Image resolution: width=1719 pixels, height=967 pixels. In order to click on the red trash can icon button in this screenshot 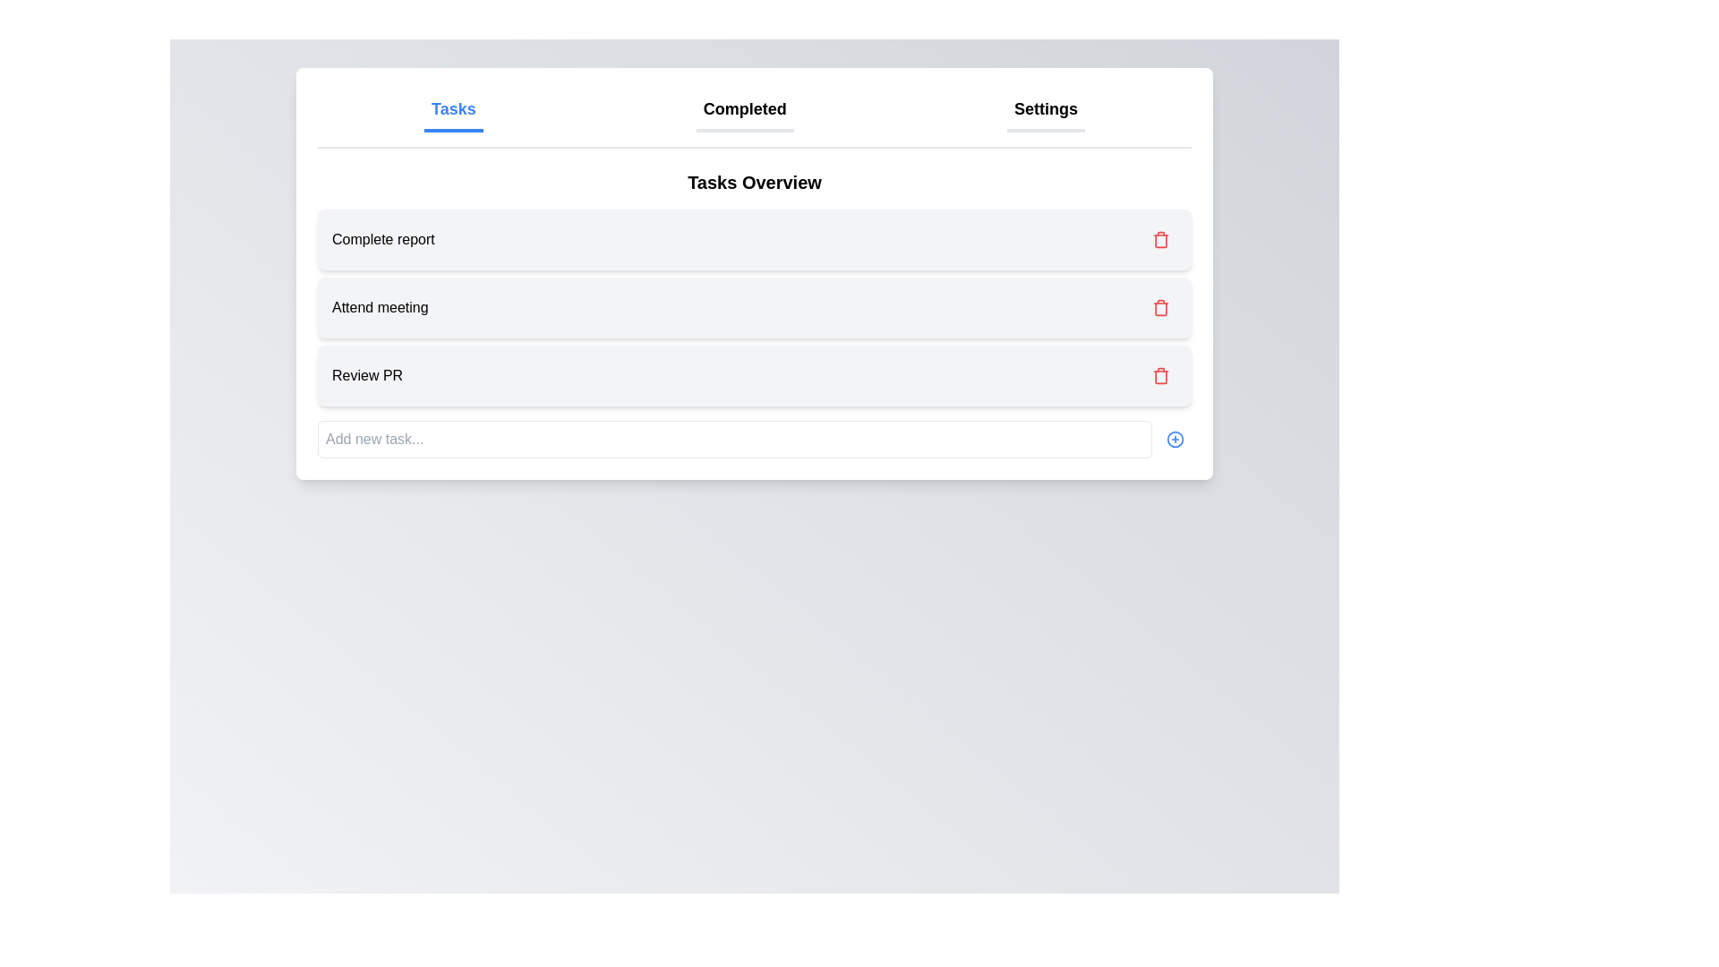, I will do `click(1160, 306)`.